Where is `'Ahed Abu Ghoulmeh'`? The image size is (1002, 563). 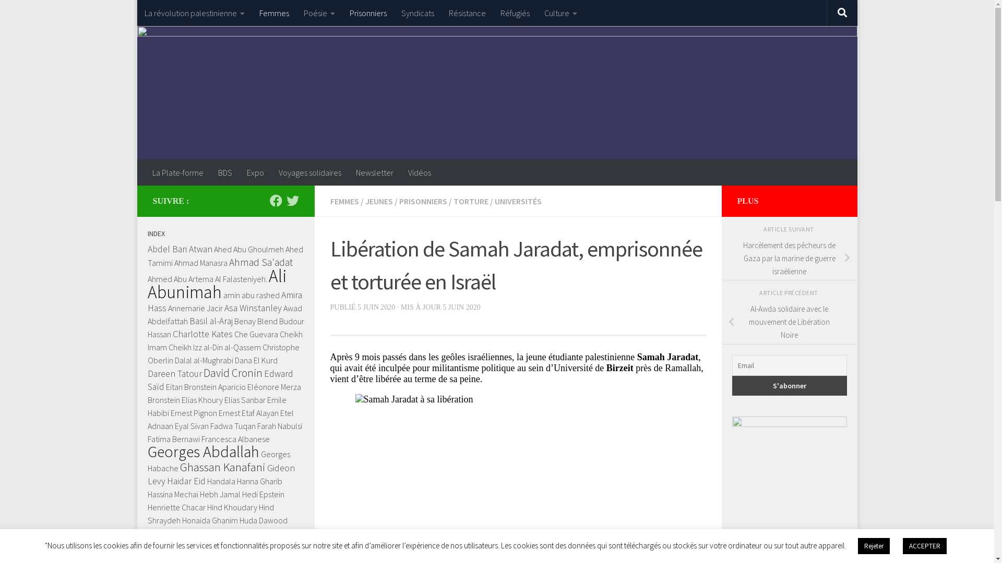
'Ahed Abu Ghoulmeh' is located at coordinates (248, 249).